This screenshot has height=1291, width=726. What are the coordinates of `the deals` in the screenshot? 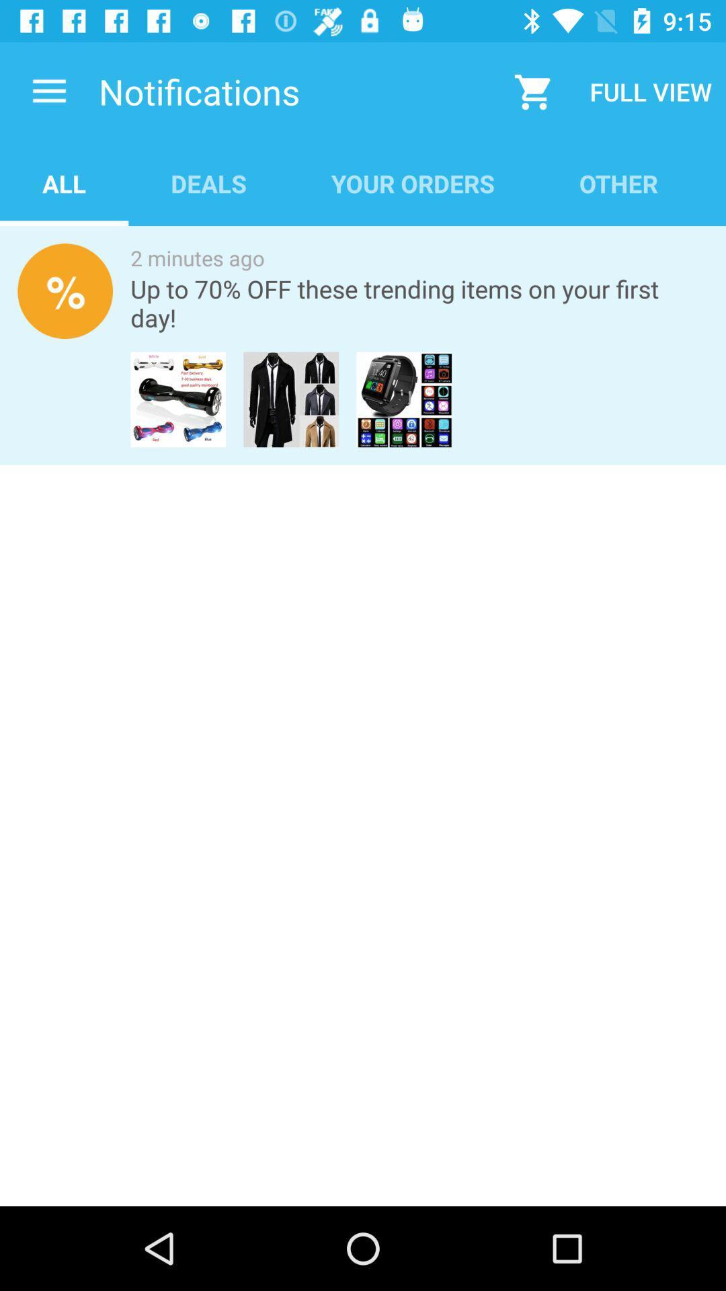 It's located at (208, 183).